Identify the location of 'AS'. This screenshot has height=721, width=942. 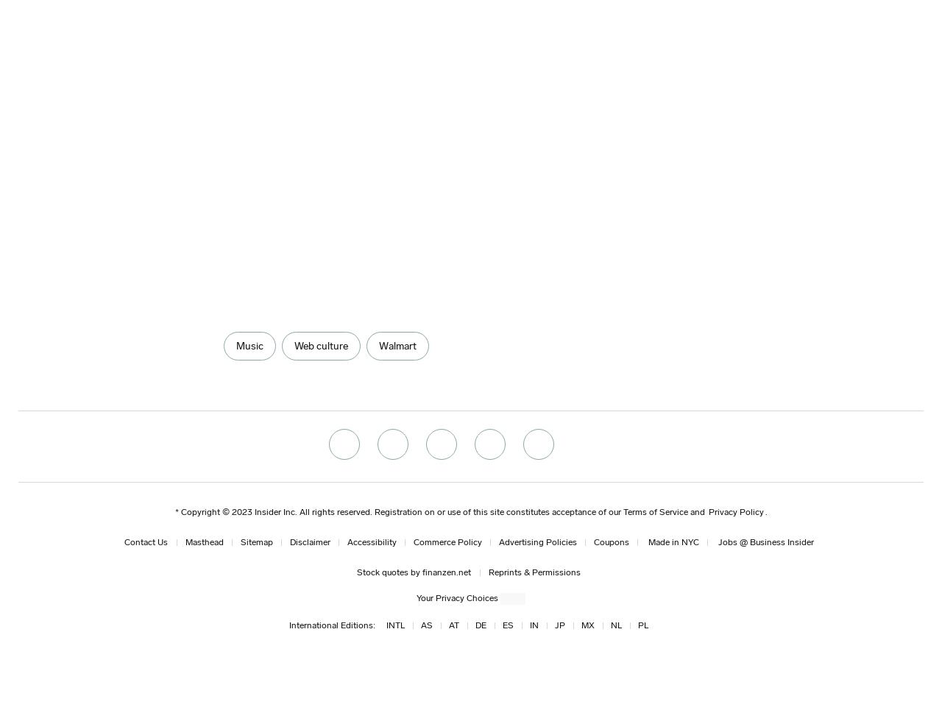
(425, 624).